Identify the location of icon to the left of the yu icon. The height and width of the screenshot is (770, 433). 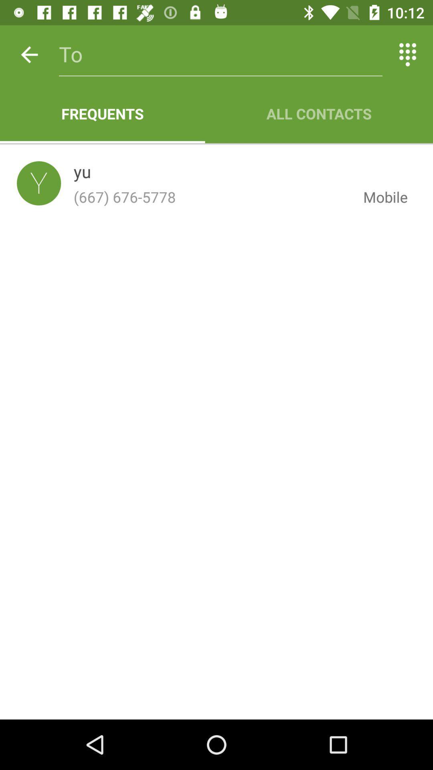
(39, 183).